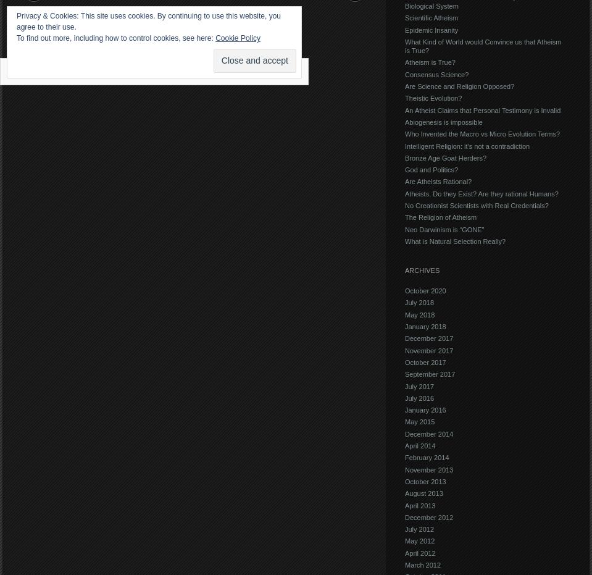 Image resolution: width=592 pixels, height=575 pixels. Describe the element at coordinates (404, 349) in the screenshot. I see `'November 2017'` at that location.